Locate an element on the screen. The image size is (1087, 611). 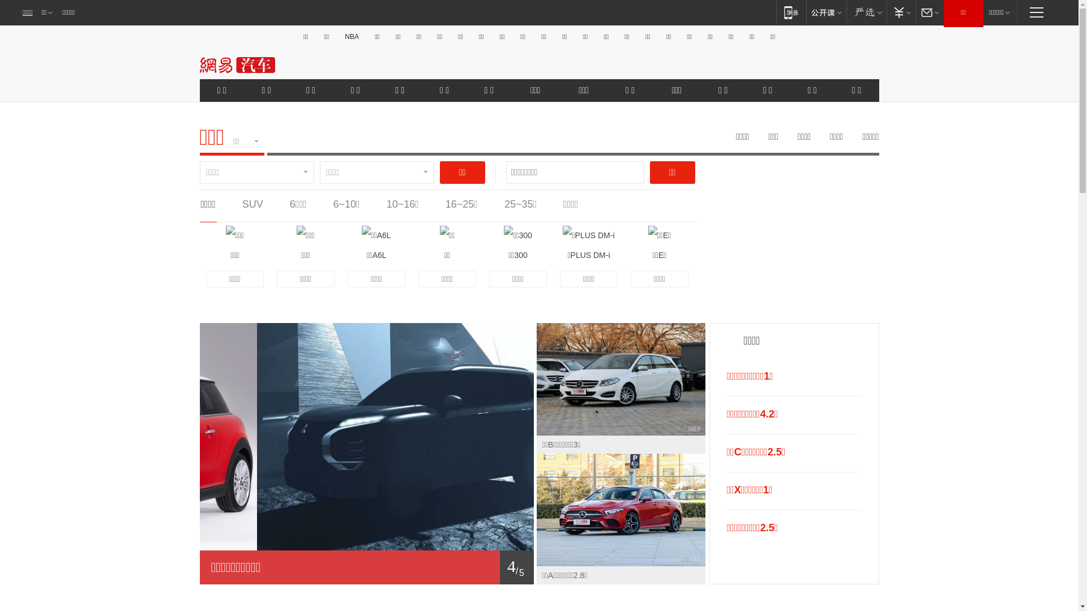
'NBA' is located at coordinates (351, 36).